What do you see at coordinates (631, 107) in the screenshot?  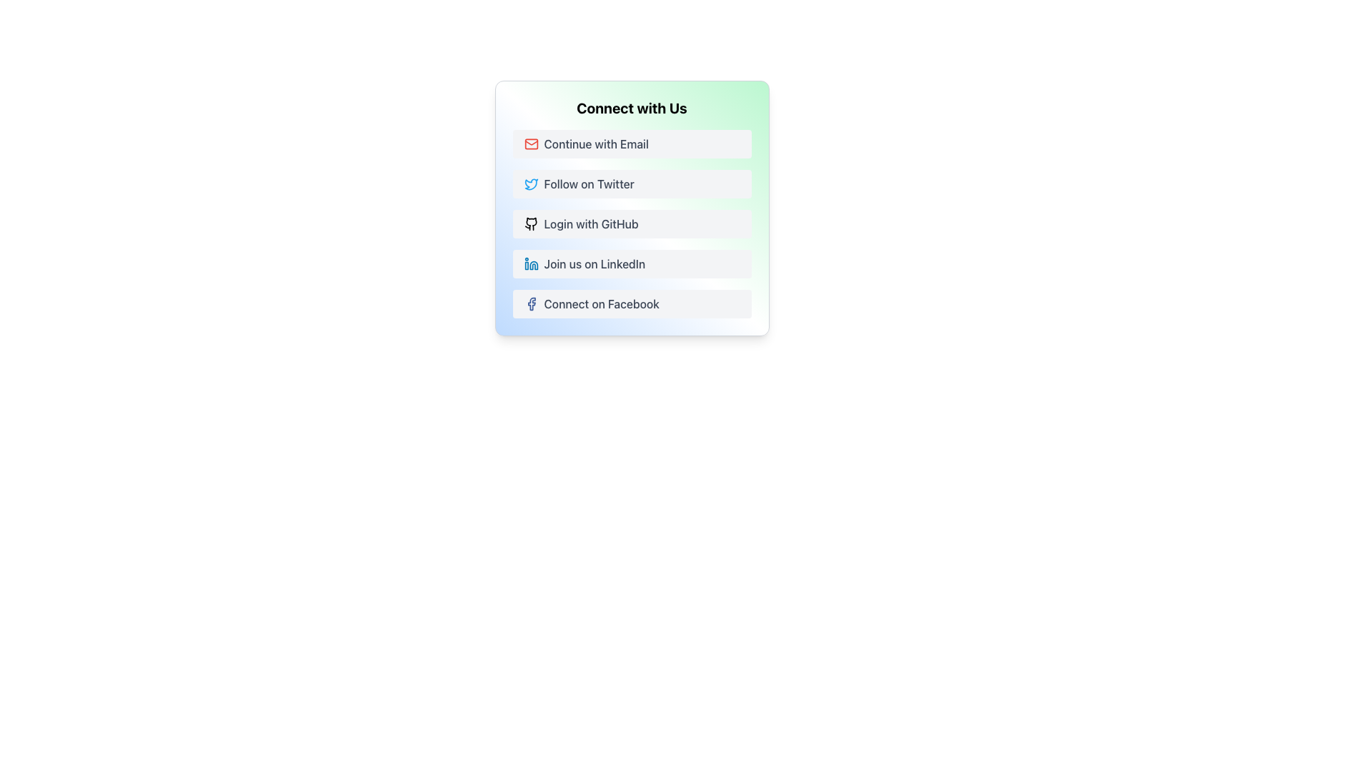 I see `the text header labeled 'Connect with Us', which is styled in bold and large font at the top of the interactive buttons section` at bounding box center [631, 107].